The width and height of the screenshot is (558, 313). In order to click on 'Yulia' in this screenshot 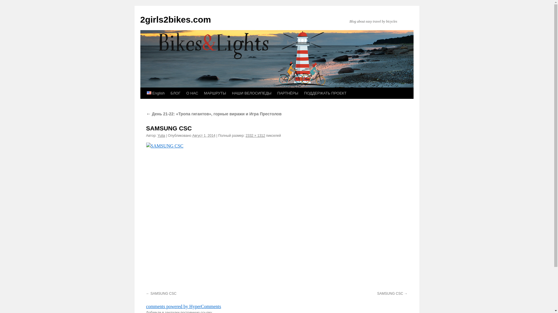, I will do `click(161, 135)`.